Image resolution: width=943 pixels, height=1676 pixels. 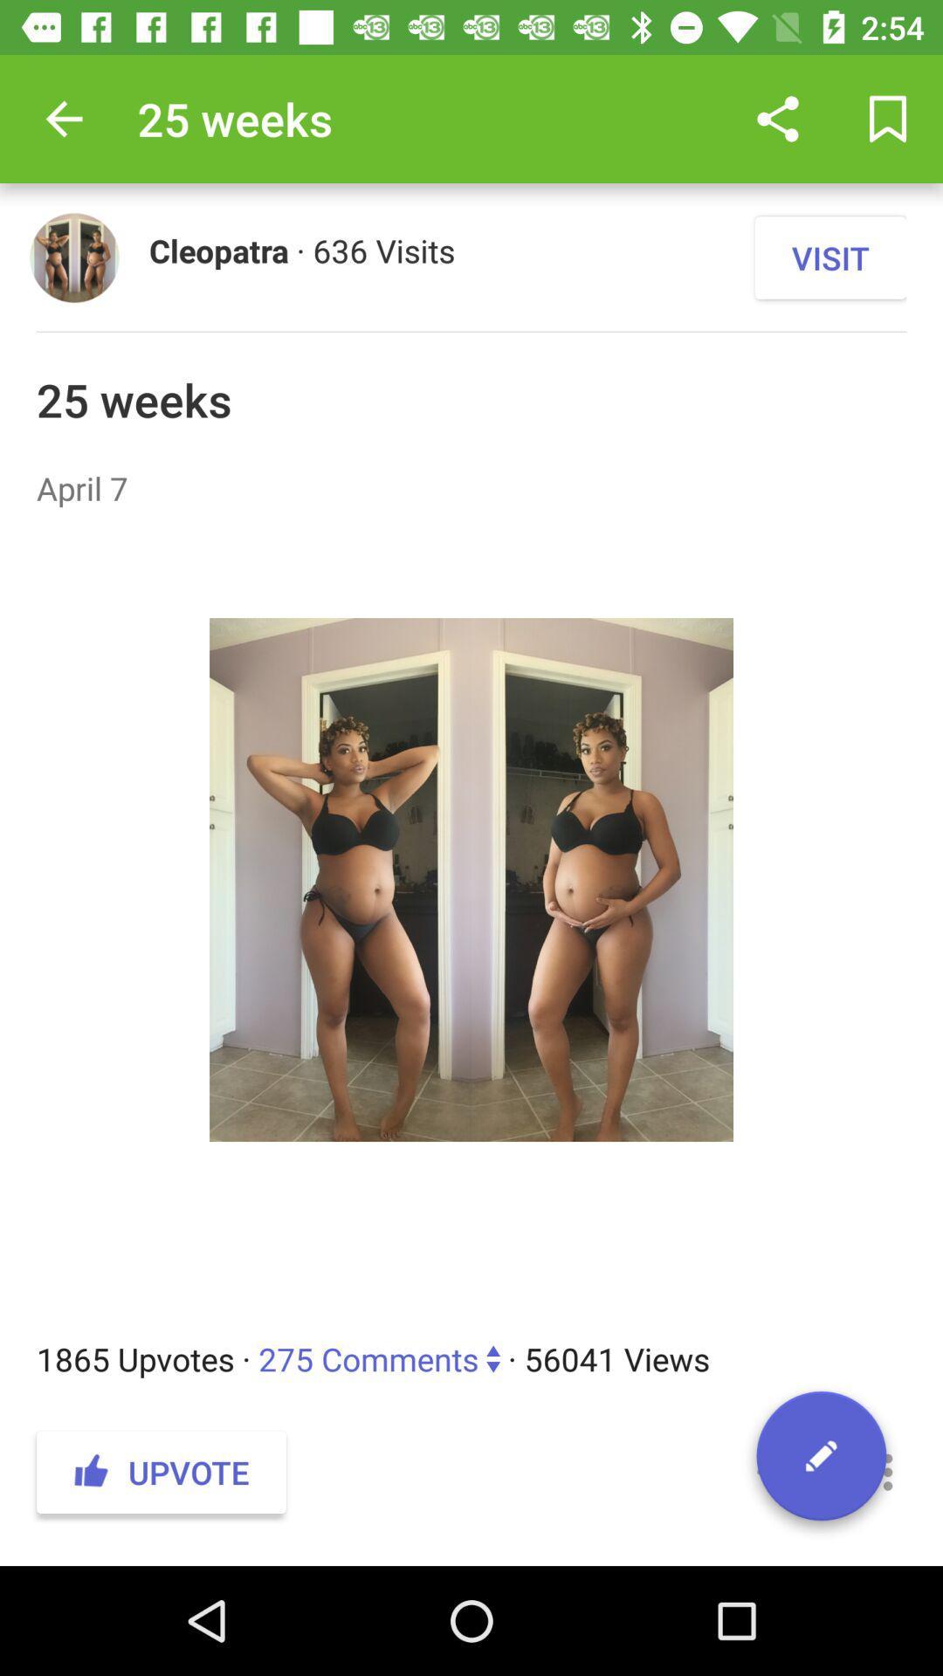 What do you see at coordinates (471, 923) in the screenshot?
I see `item below april 7 icon` at bounding box center [471, 923].